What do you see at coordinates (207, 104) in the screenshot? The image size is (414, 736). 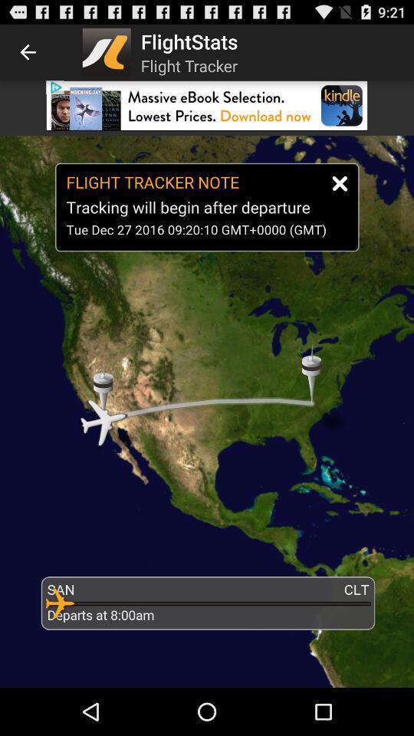 I see `open app download link` at bounding box center [207, 104].